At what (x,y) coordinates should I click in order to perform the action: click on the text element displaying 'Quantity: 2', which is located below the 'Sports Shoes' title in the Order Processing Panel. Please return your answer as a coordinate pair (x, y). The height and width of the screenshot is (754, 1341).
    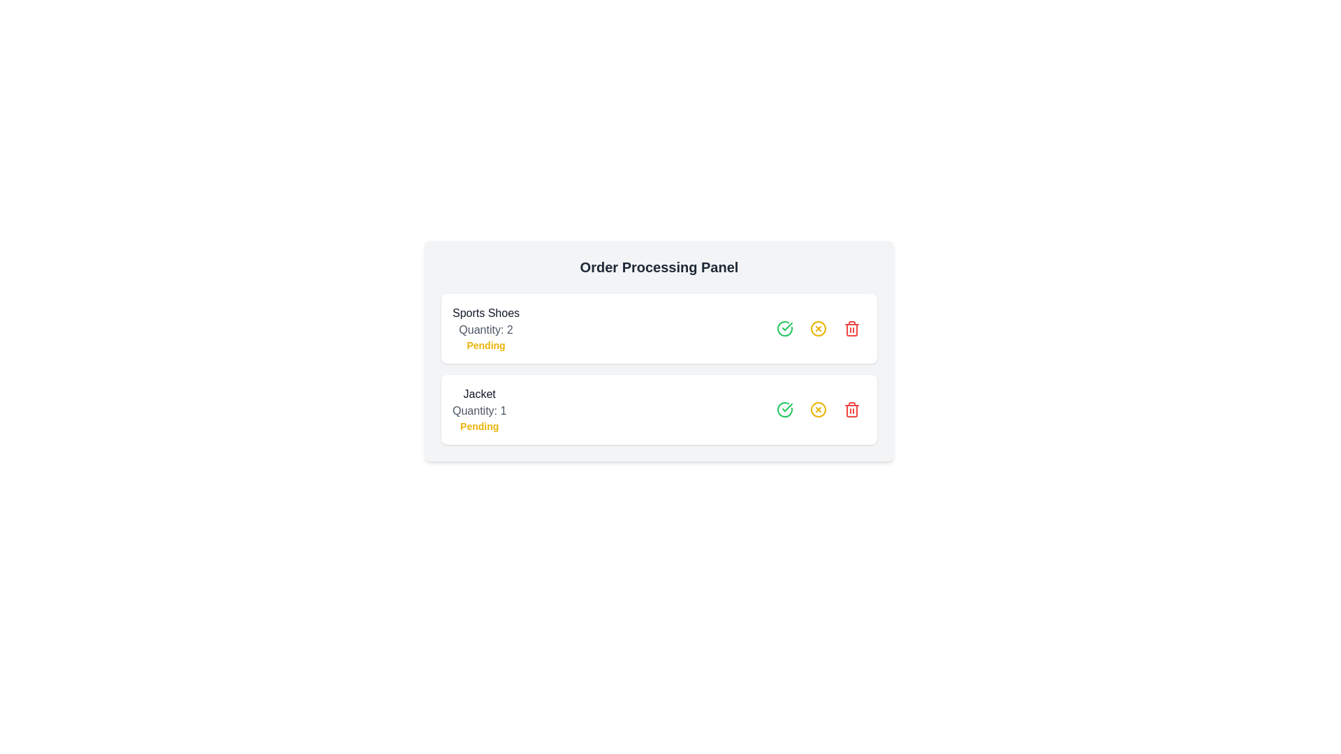
    Looking at the image, I should click on (486, 330).